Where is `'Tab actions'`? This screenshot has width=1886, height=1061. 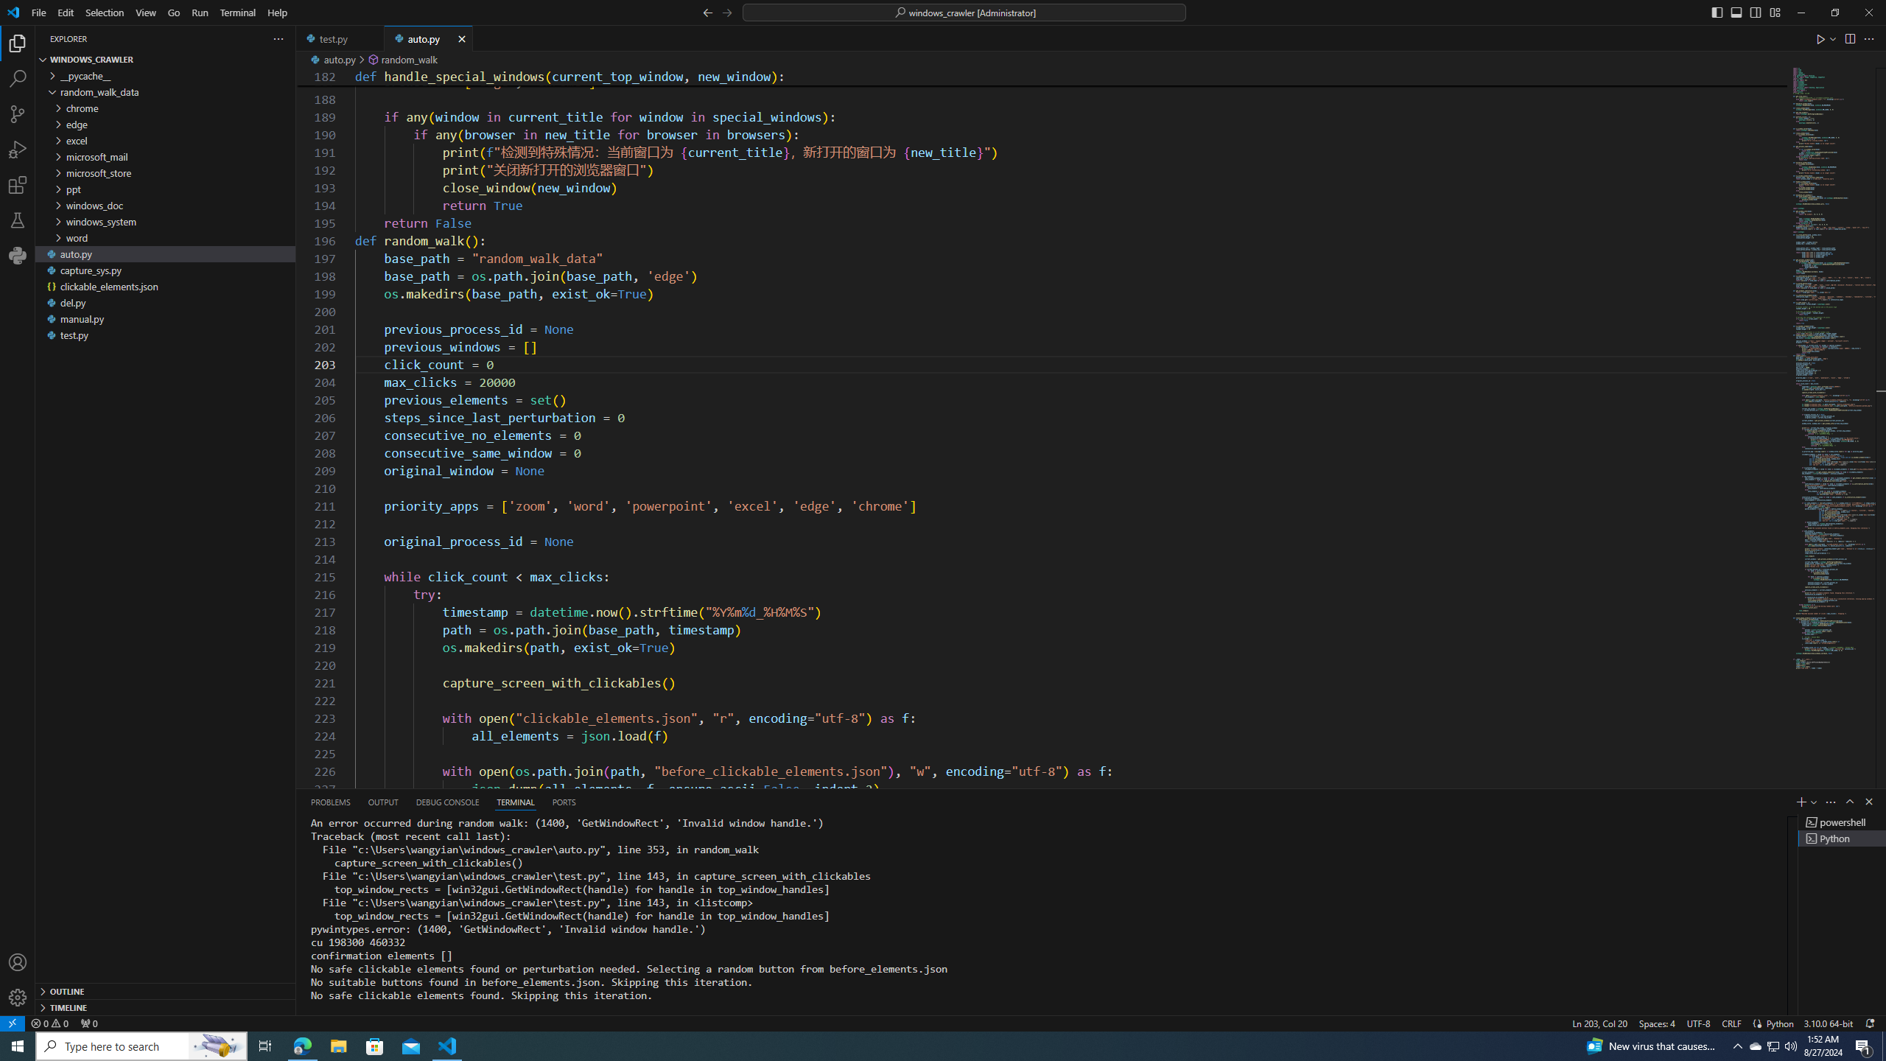
'Tab actions' is located at coordinates (460, 38).